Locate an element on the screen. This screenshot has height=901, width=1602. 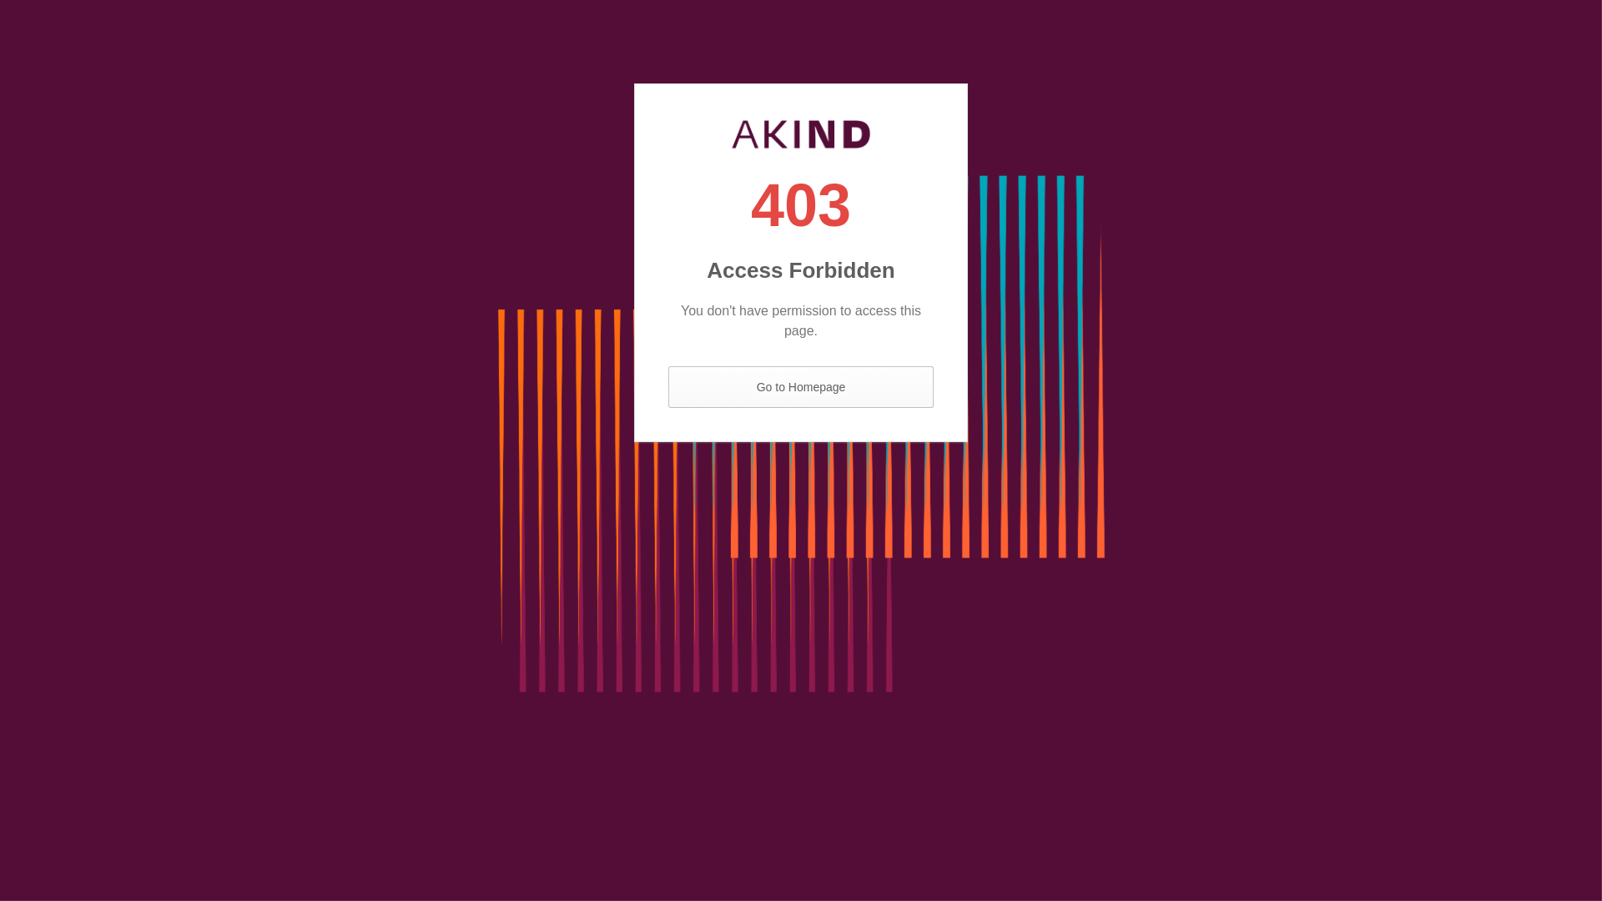
'Go to Homepage' is located at coordinates (801, 386).